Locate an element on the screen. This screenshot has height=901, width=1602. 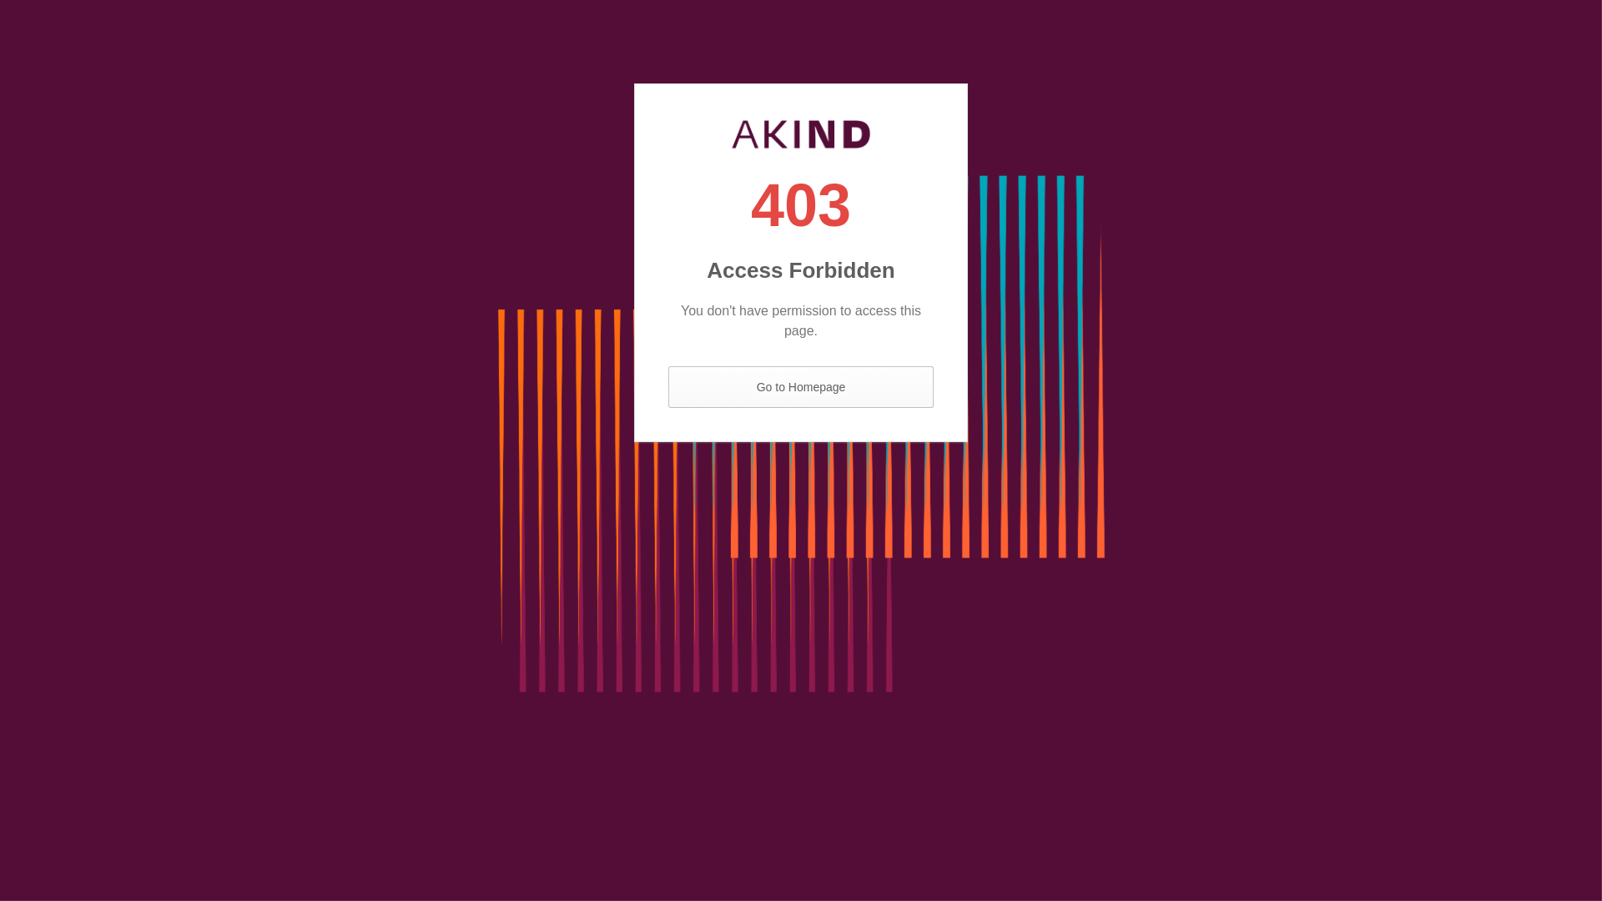
'Go to Homepage' is located at coordinates (801, 386).